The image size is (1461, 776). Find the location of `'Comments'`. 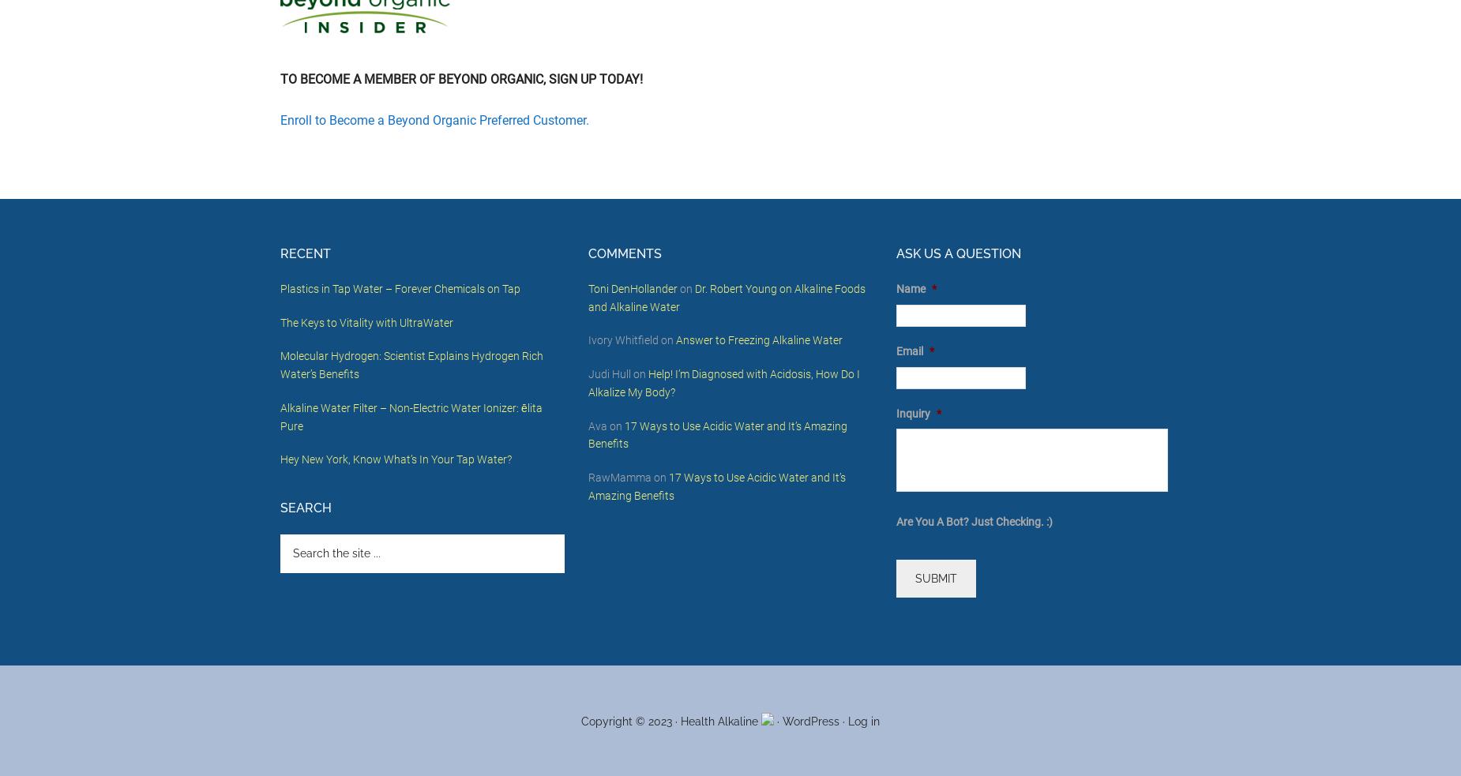

'Comments' is located at coordinates (625, 253).